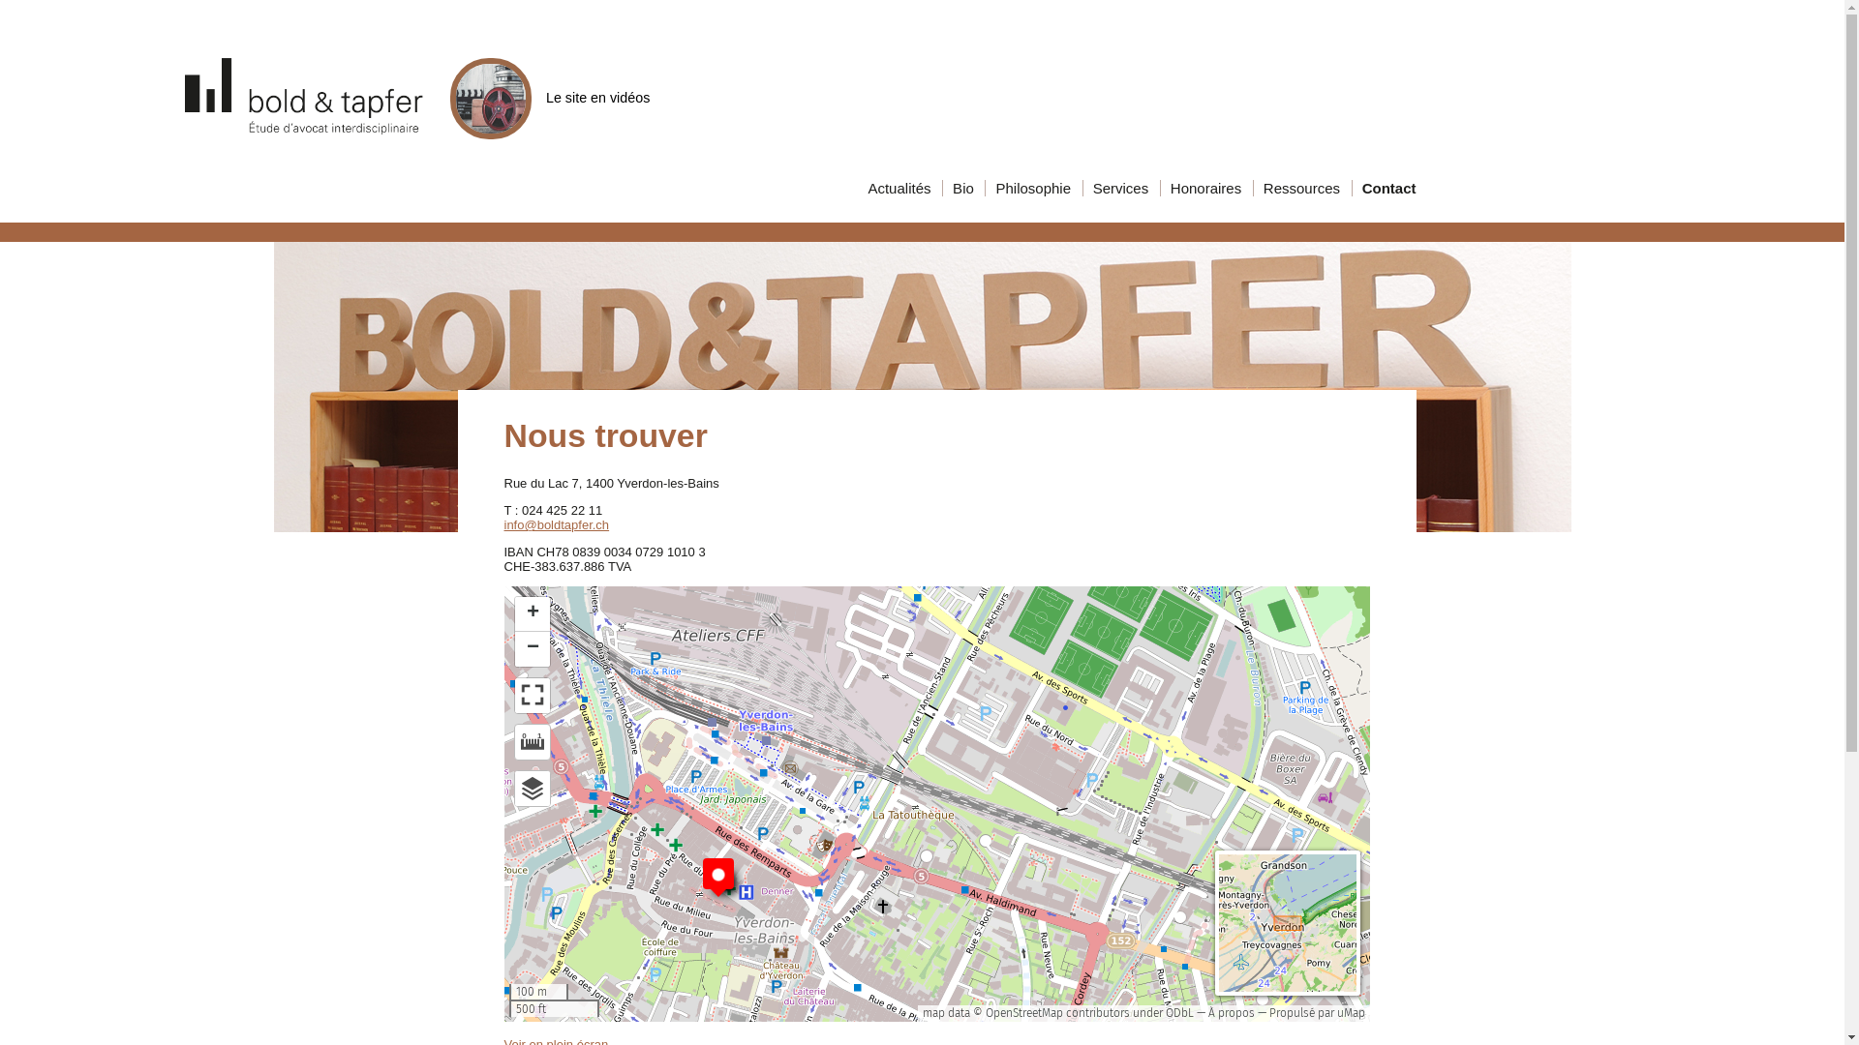 This screenshot has height=1045, width=1859. What do you see at coordinates (1427, 188) in the screenshot?
I see `'Contact'` at bounding box center [1427, 188].